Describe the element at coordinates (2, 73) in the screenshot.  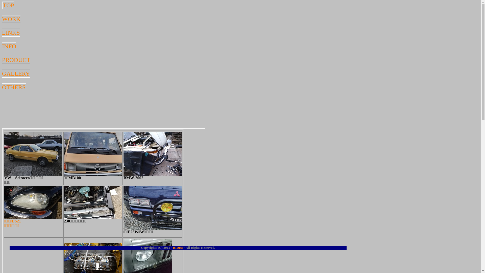
I see `'GALLERY'` at that location.